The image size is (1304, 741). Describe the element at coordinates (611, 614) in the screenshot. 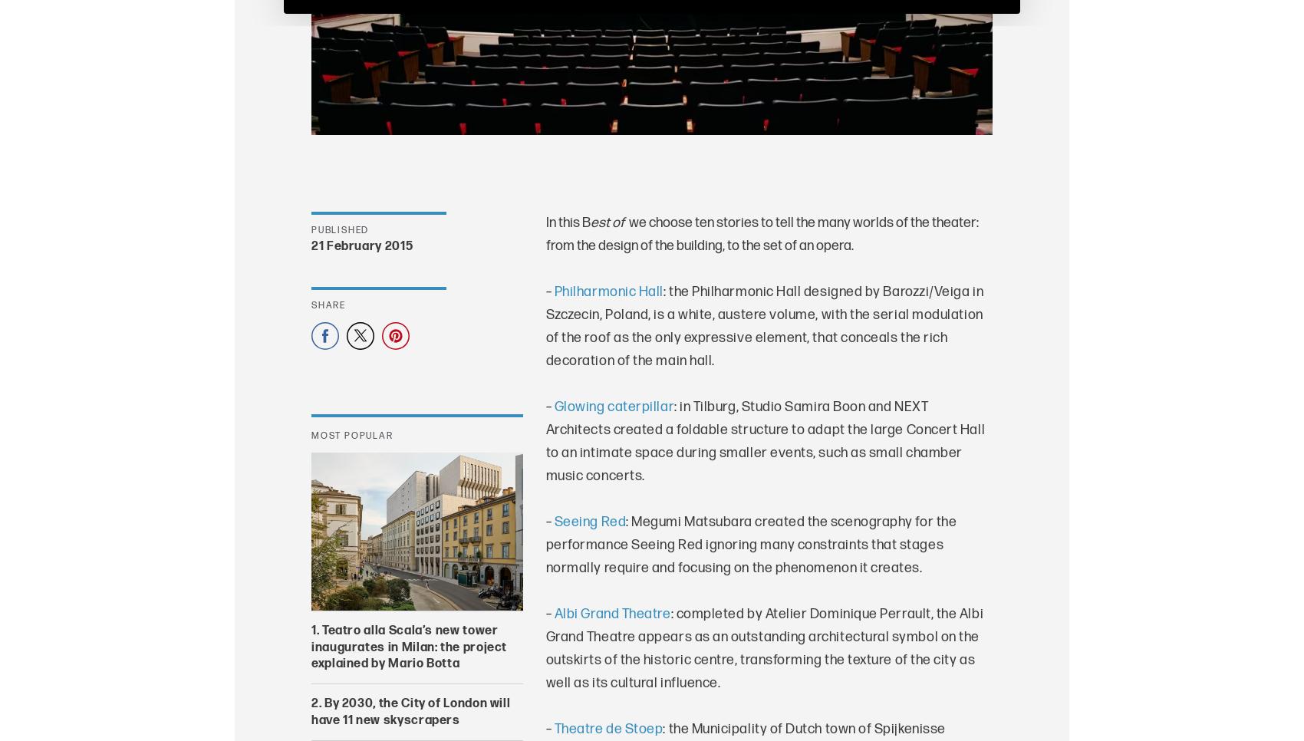

I see `'Albi Grand Theatre'` at that location.